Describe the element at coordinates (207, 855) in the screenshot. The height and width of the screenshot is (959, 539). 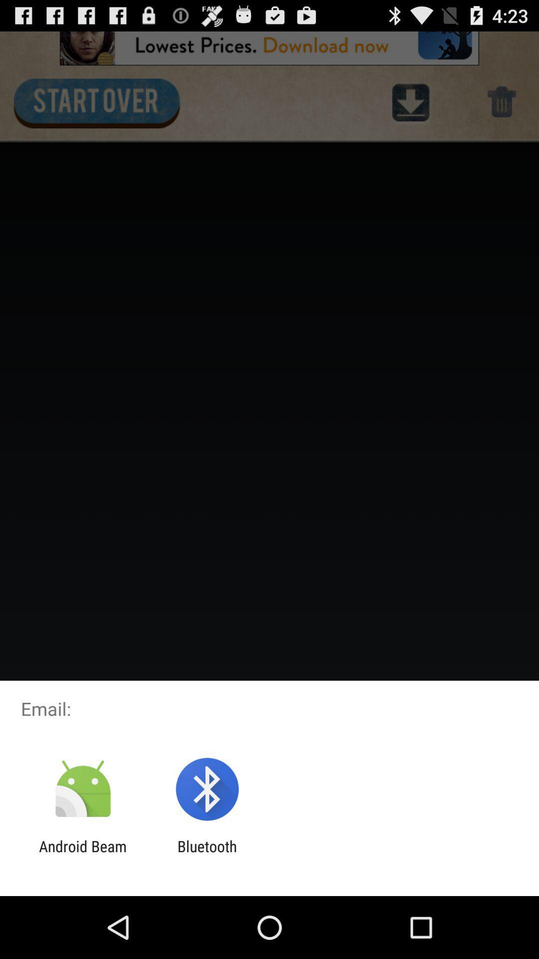
I see `item next to the android beam icon` at that location.